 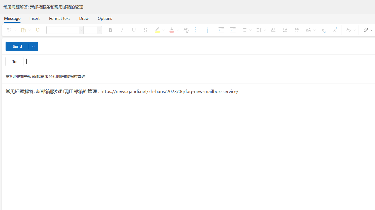 What do you see at coordinates (62, 30) in the screenshot?
I see `'Font'` at bounding box center [62, 30].